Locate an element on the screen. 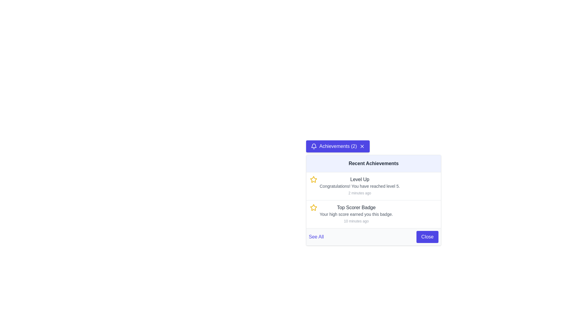 The image size is (579, 326). title text of the achievement notification located near the top-left corner of the notification box under the 'Recent Achievements' heading is located at coordinates (360, 179).